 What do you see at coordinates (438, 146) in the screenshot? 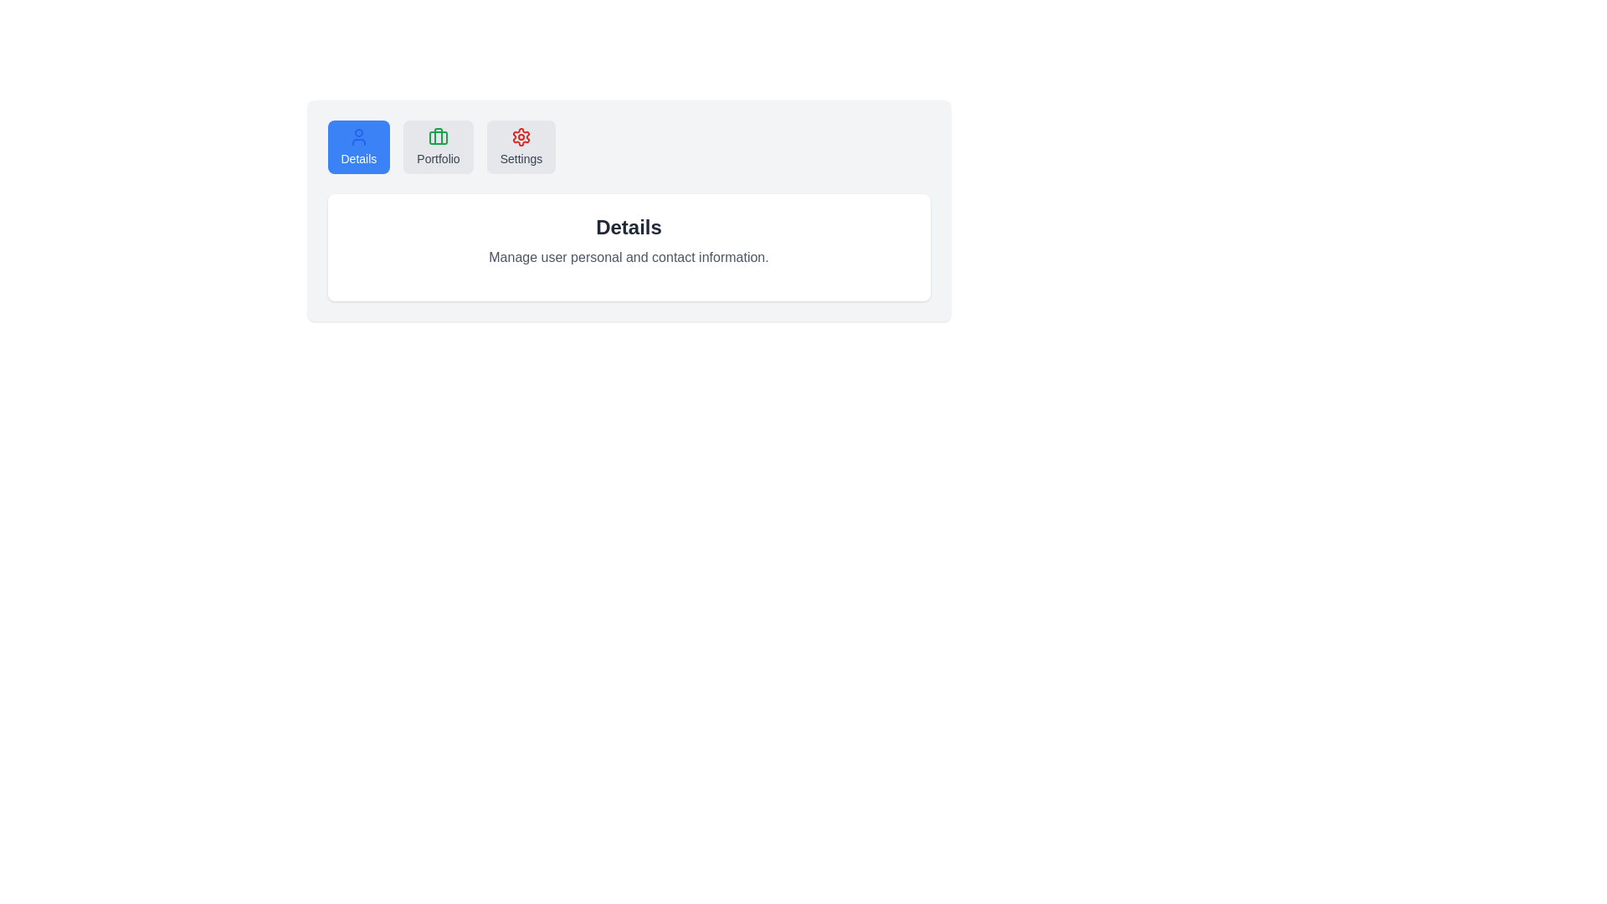
I see `the Portfolio tab to activate it` at bounding box center [438, 146].